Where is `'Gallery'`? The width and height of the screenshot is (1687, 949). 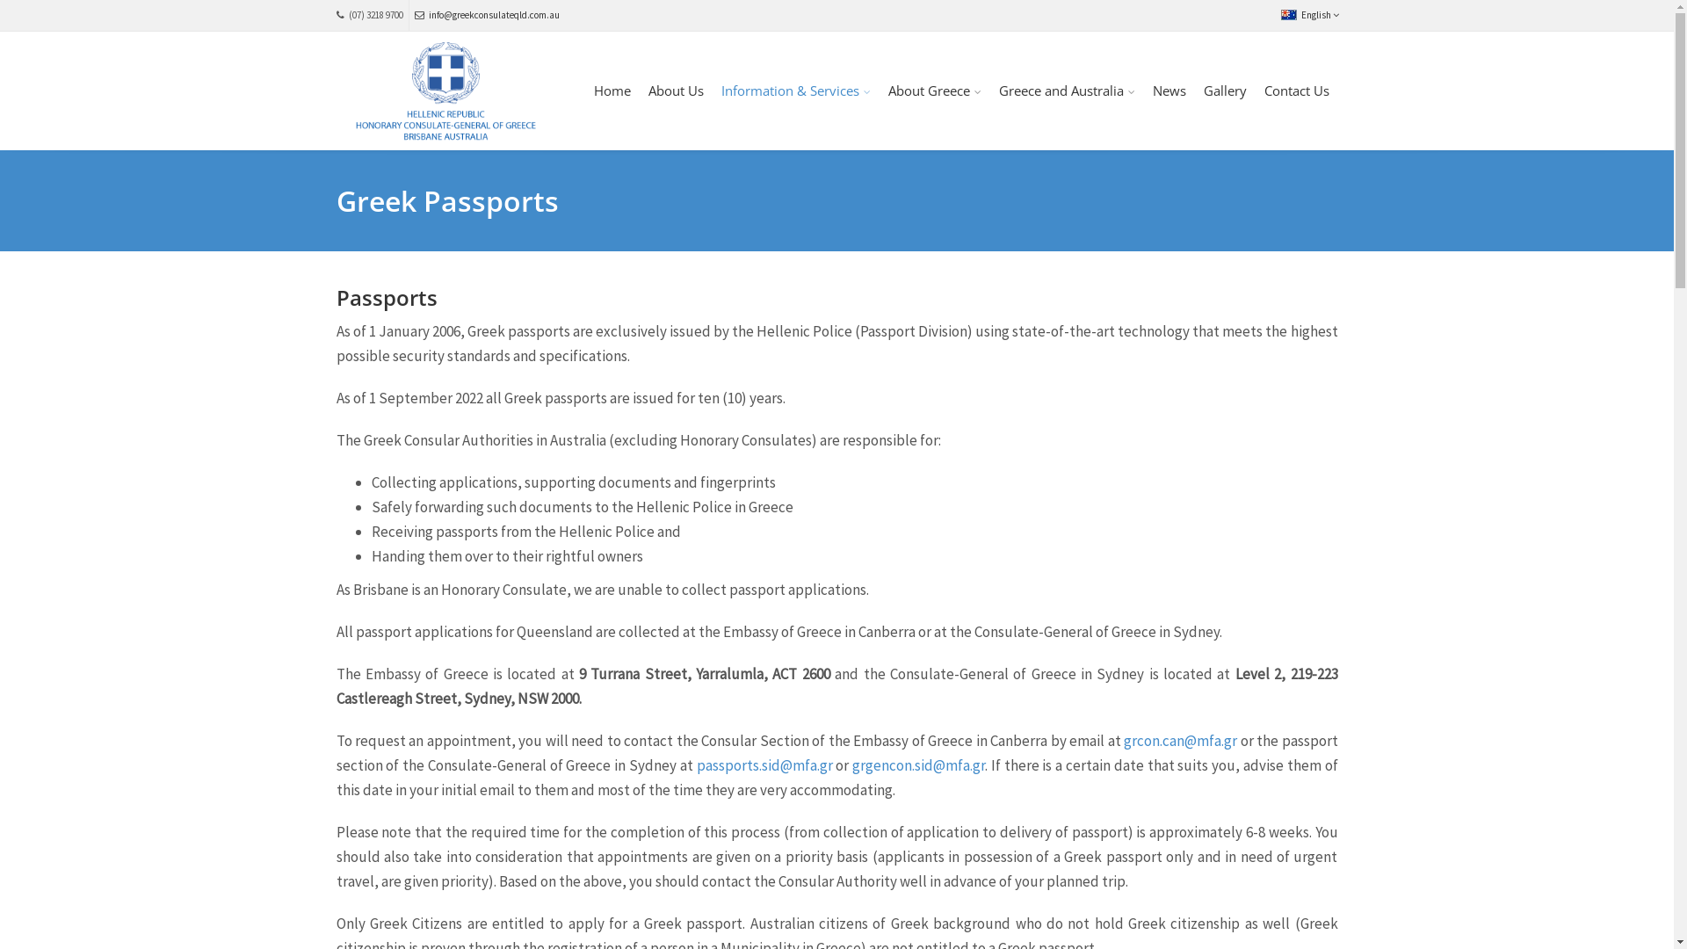
'Gallery' is located at coordinates (1224, 91).